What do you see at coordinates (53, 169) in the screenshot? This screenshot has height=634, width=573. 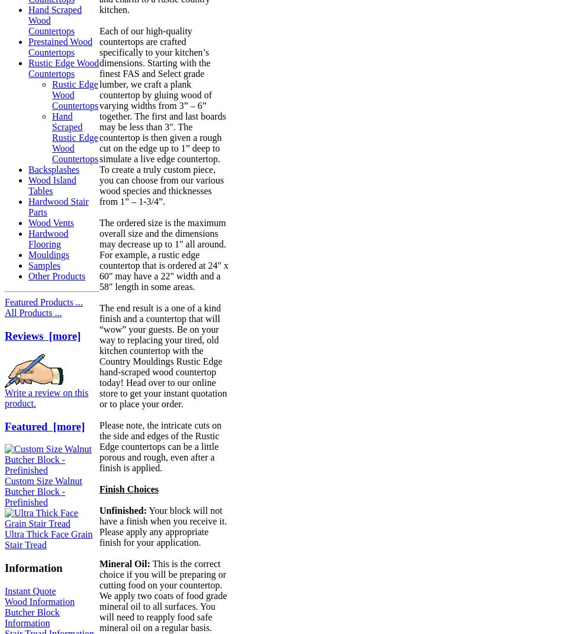 I see `'Backsplashes'` at bounding box center [53, 169].